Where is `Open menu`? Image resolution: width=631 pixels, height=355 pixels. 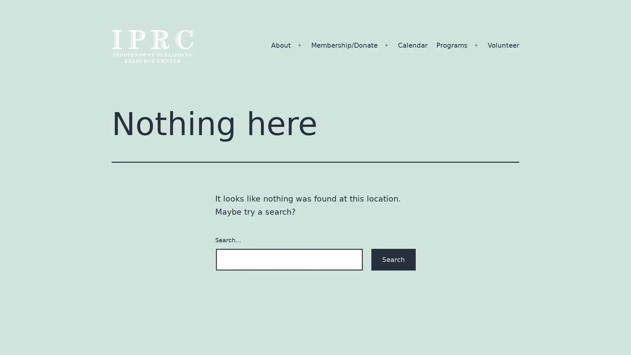 Open menu is located at coordinates (299, 45).